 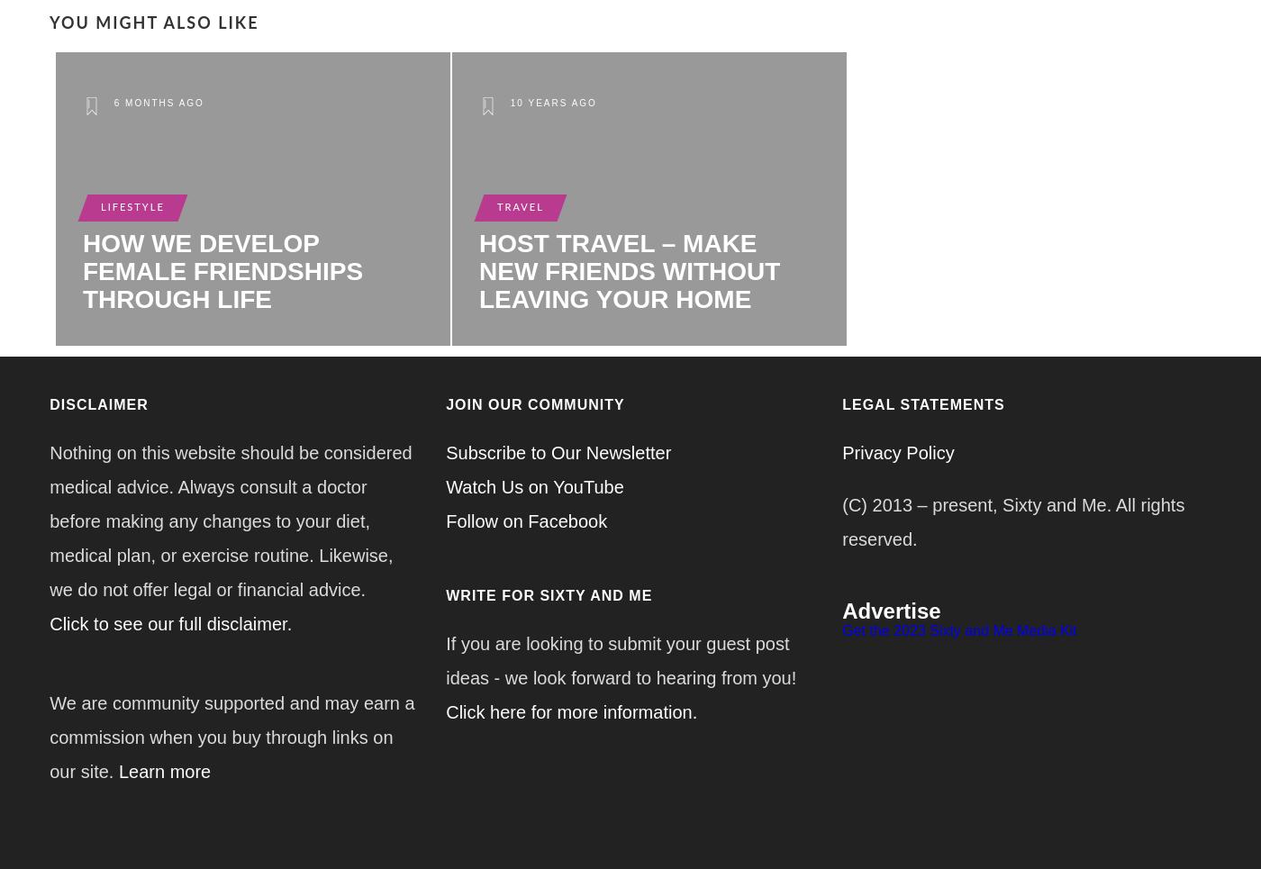 What do you see at coordinates (1013, 521) in the screenshot?
I see `'(C) 2013 – present, Sixty and Me. All rights reserved.'` at bounding box center [1013, 521].